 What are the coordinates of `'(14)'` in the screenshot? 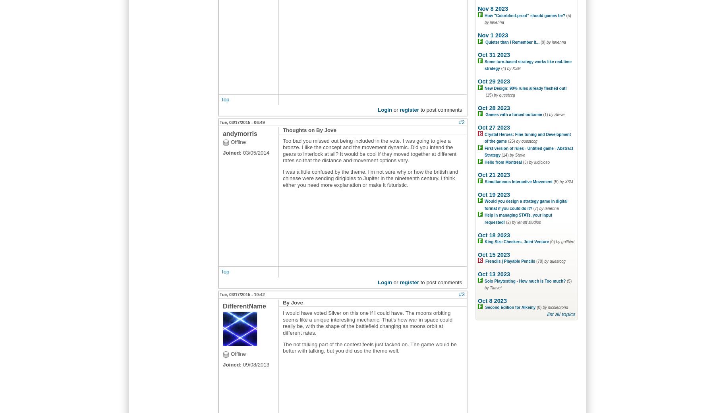 It's located at (505, 155).